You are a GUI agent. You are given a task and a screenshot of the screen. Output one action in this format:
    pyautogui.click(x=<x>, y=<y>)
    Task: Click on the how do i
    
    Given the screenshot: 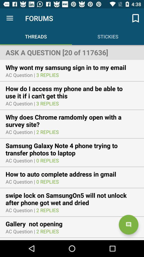 What is the action you would take?
    pyautogui.click(x=72, y=92)
    